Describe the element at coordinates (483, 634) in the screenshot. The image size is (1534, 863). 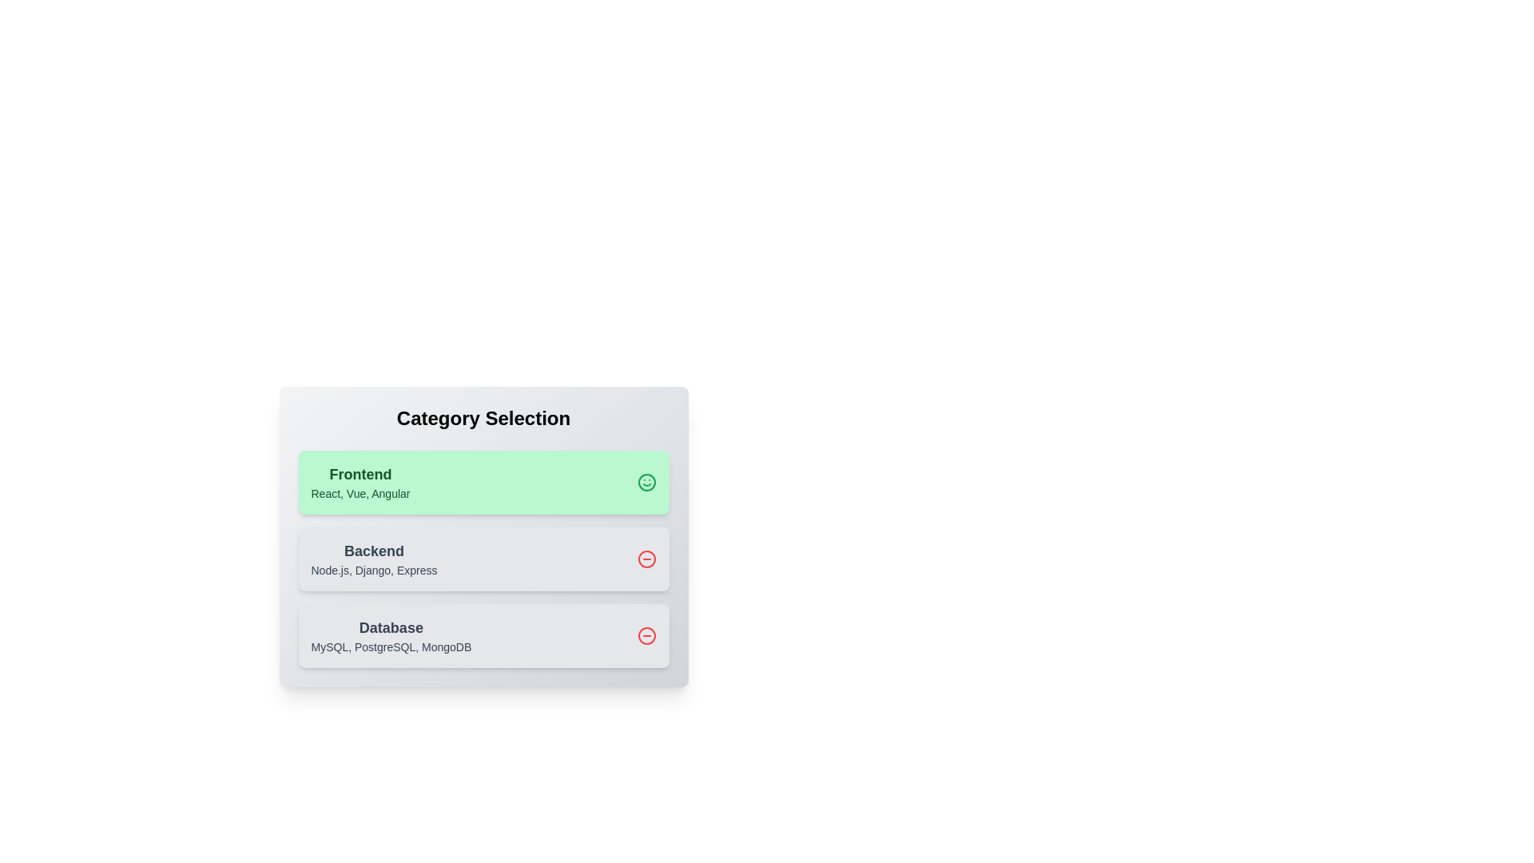
I see `the category Database by clicking on its chip` at that location.